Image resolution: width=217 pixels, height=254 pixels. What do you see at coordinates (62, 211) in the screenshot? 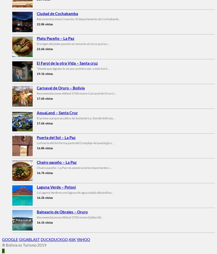
I see `'Balneario de Obrajes – Oruro'` at bounding box center [62, 211].